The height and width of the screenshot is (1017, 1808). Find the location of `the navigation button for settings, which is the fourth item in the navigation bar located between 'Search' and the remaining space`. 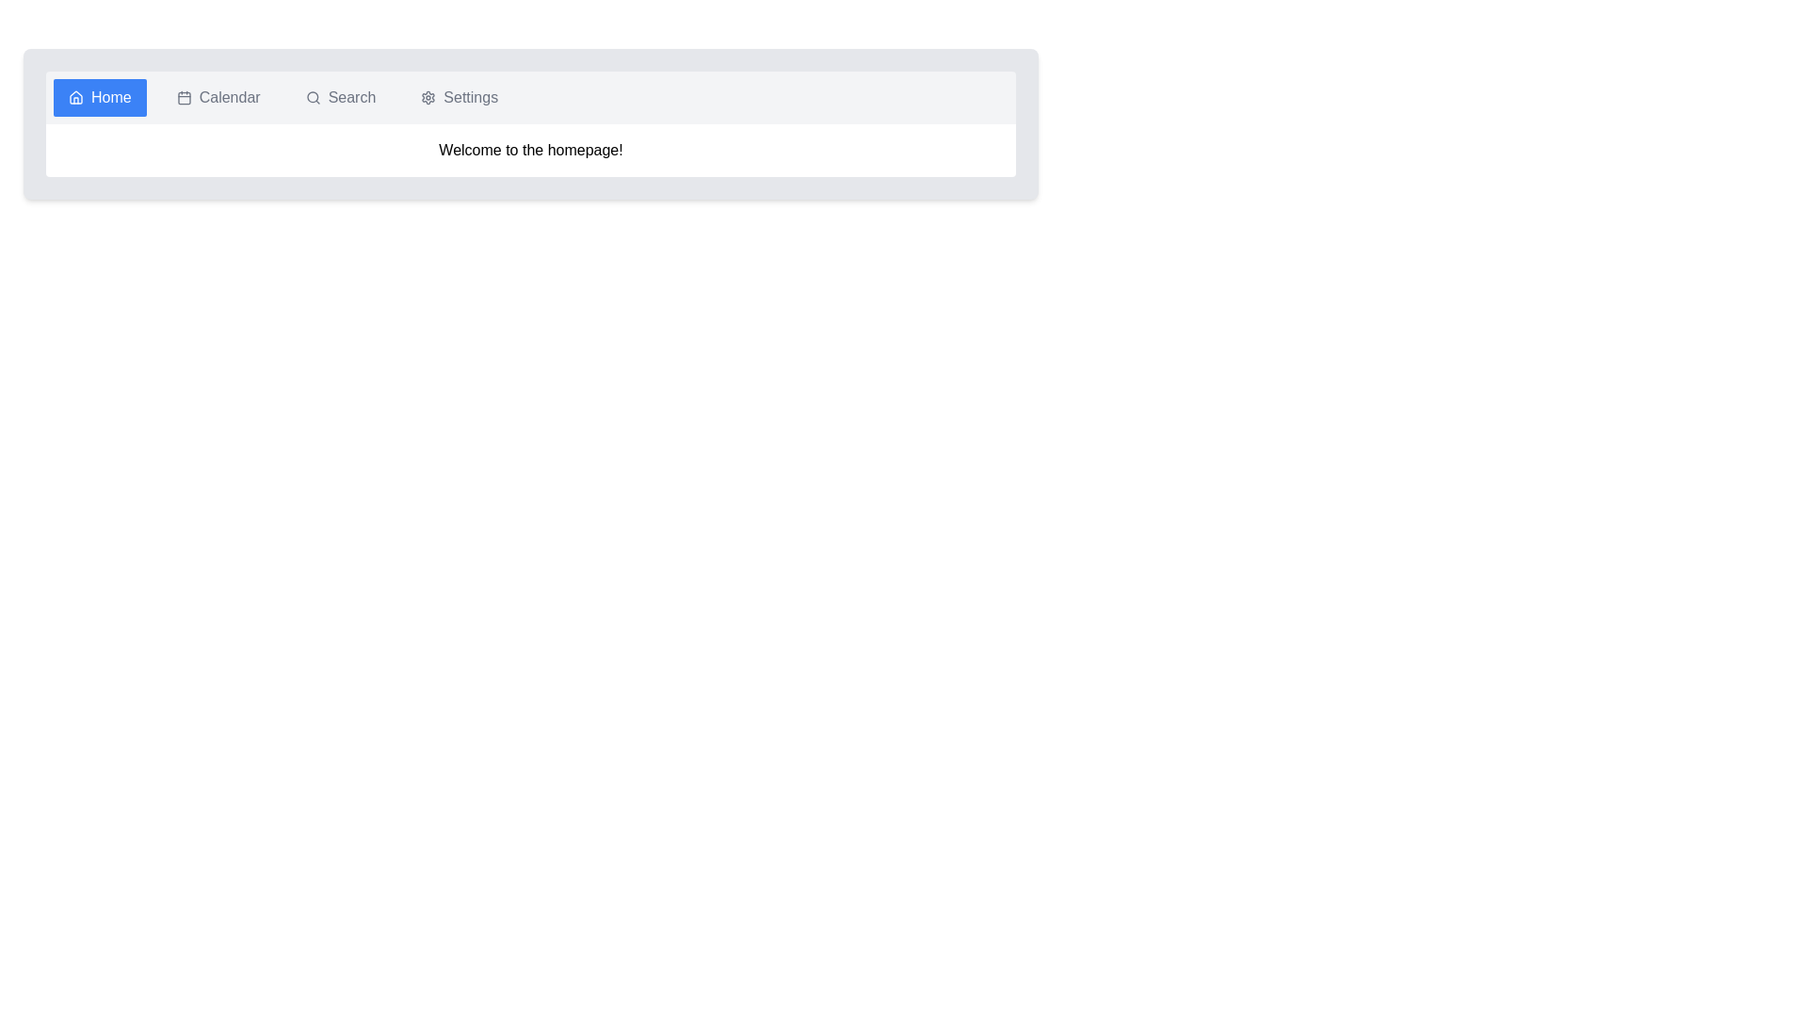

the navigation button for settings, which is the fourth item in the navigation bar located between 'Search' and the remaining space is located at coordinates (460, 98).